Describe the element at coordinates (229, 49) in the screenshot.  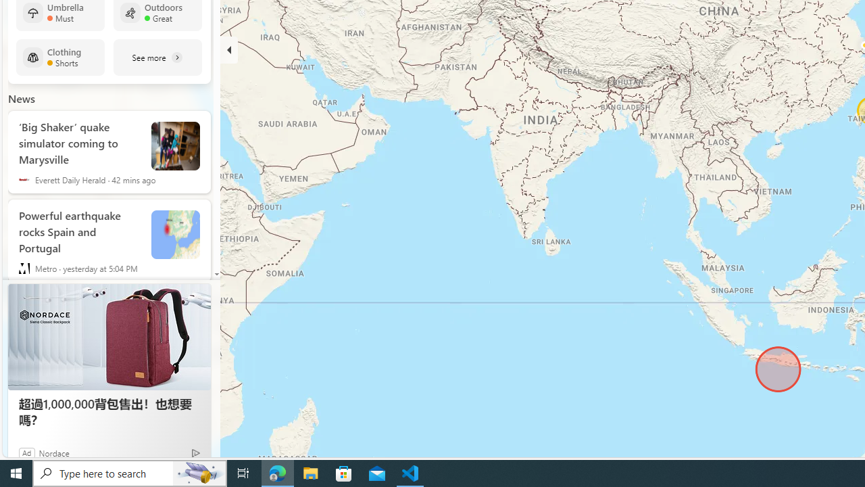
I see `'Hide'` at that location.